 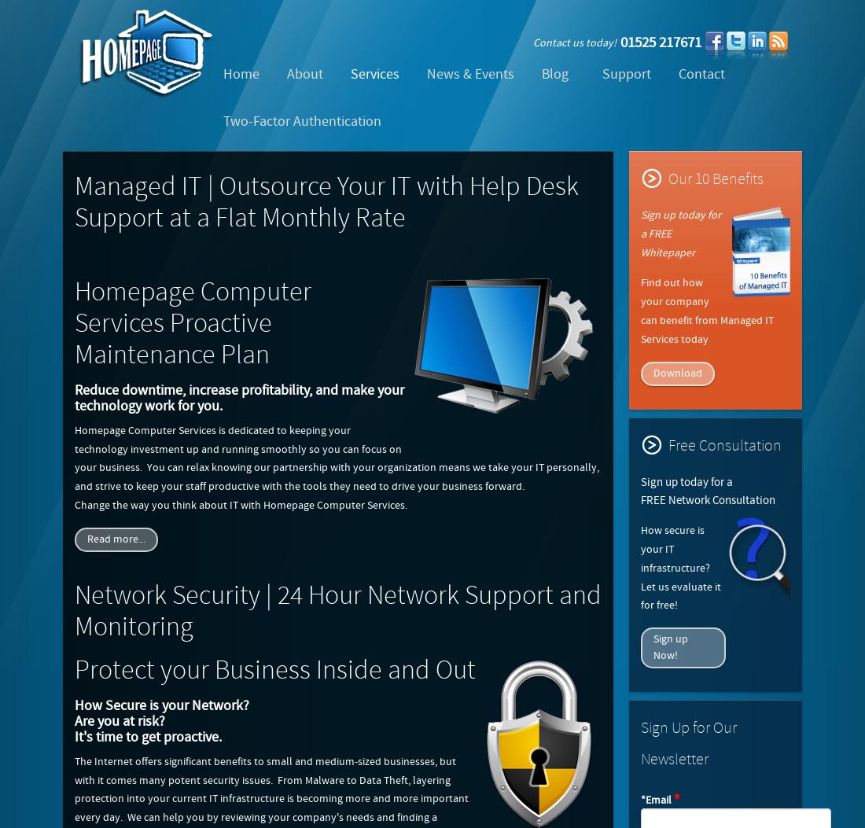 What do you see at coordinates (680, 594) in the screenshot?
I see `'Let us evaluate it for free!'` at bounding box center [680, 594].